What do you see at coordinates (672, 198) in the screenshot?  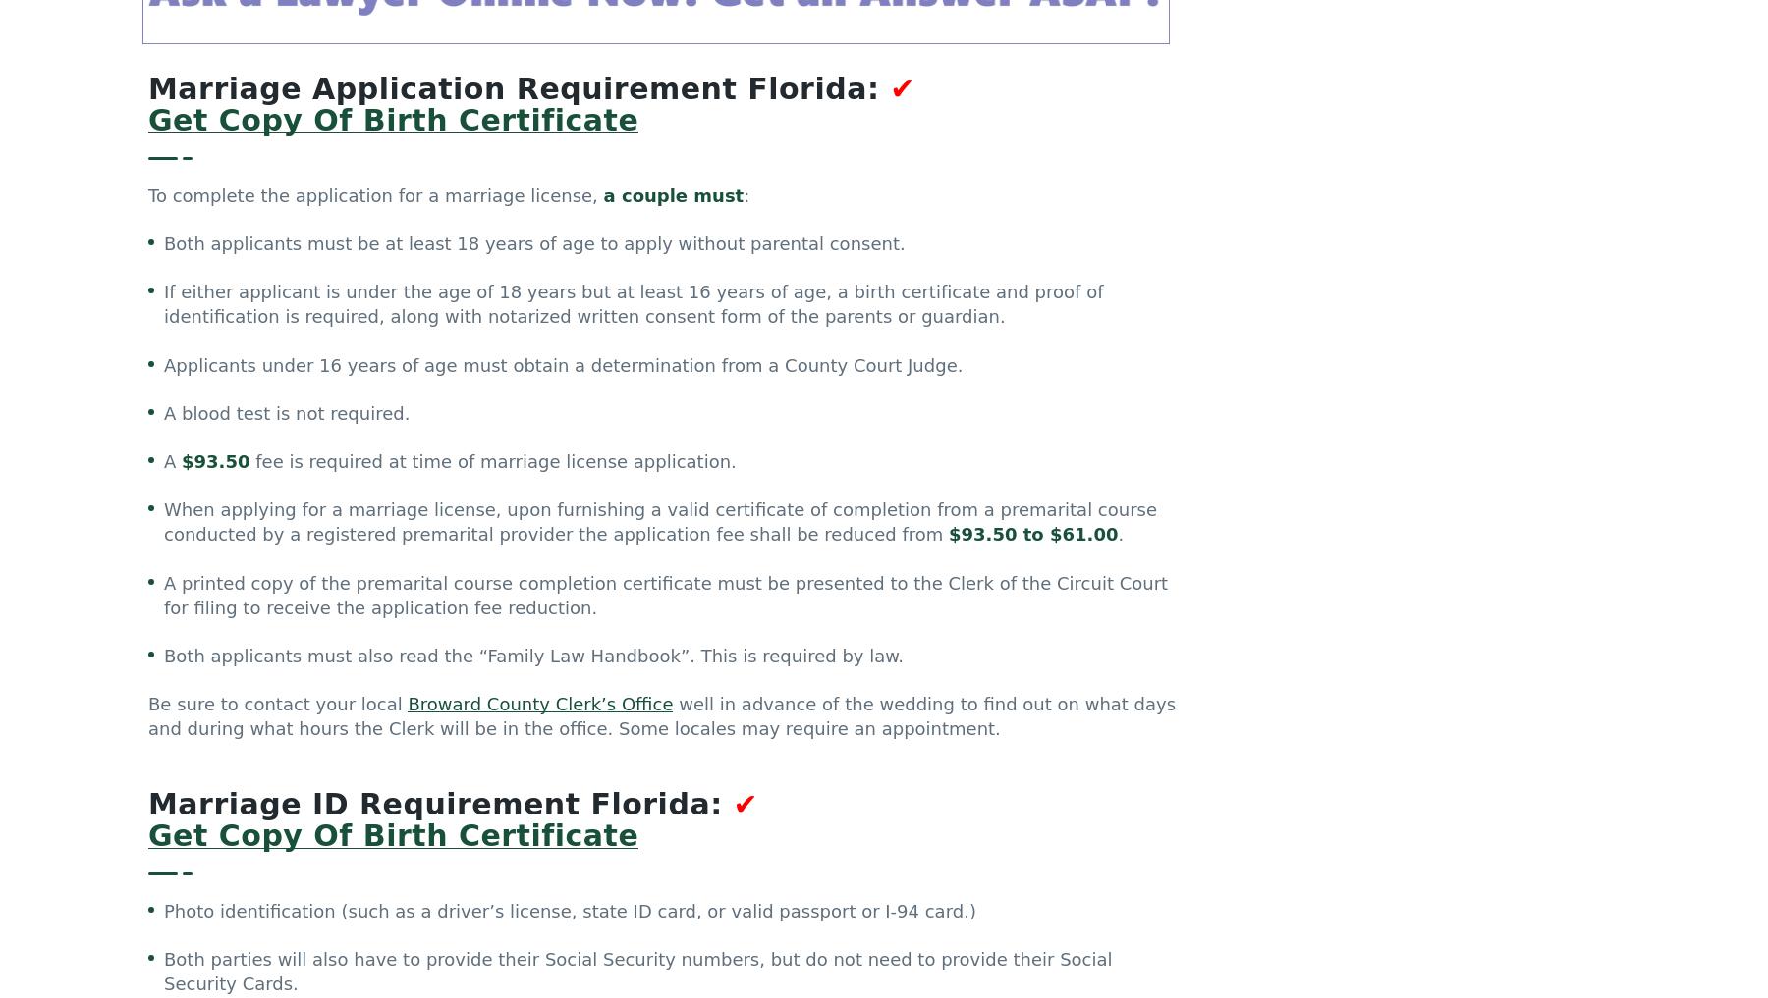 I see `'a couple must'` at bounding box center [672, 198].